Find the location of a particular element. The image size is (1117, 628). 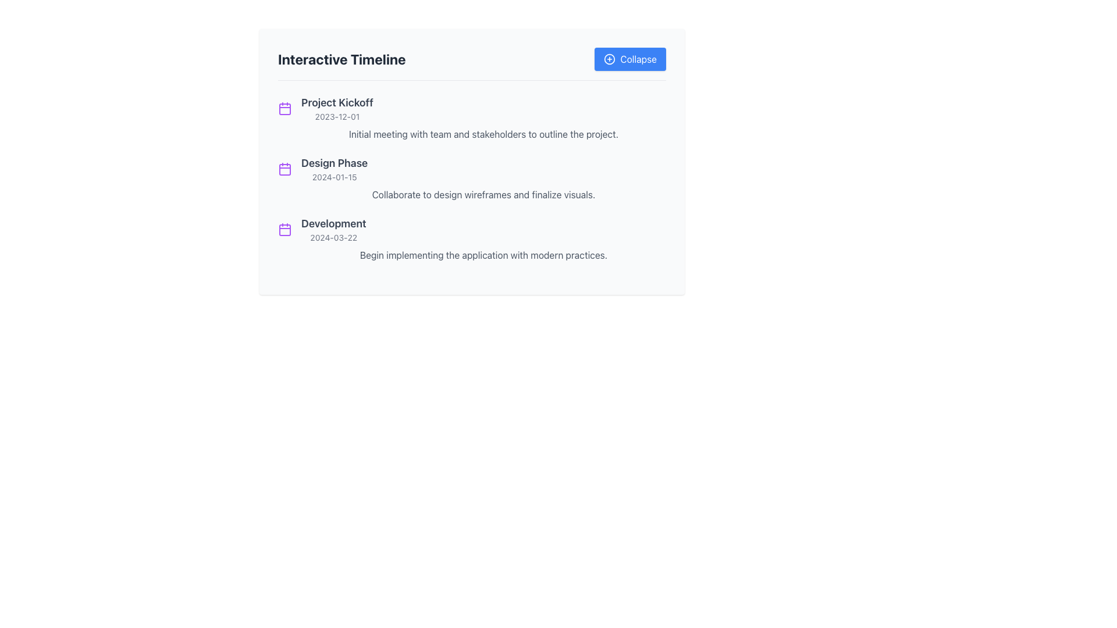

the decorative SVG rectangle that enhances the visual representation of the calendar icon next to 'Project Kickoff' in the interactive timeline is located at coordinates (284, 230).